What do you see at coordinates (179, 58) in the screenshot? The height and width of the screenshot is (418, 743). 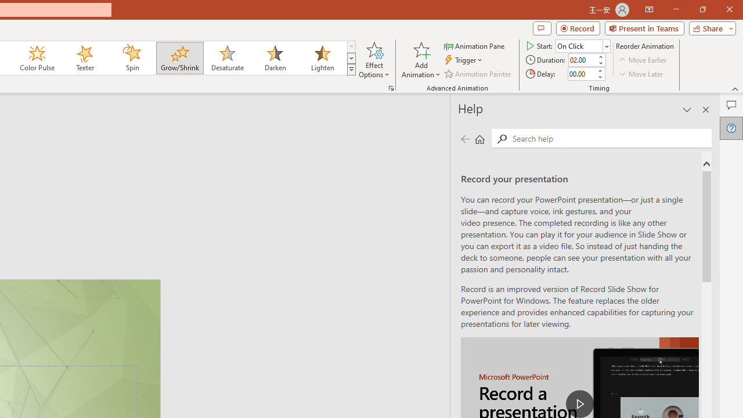 I see `'Grow/Shrink'` at bounding box center [179, 58].